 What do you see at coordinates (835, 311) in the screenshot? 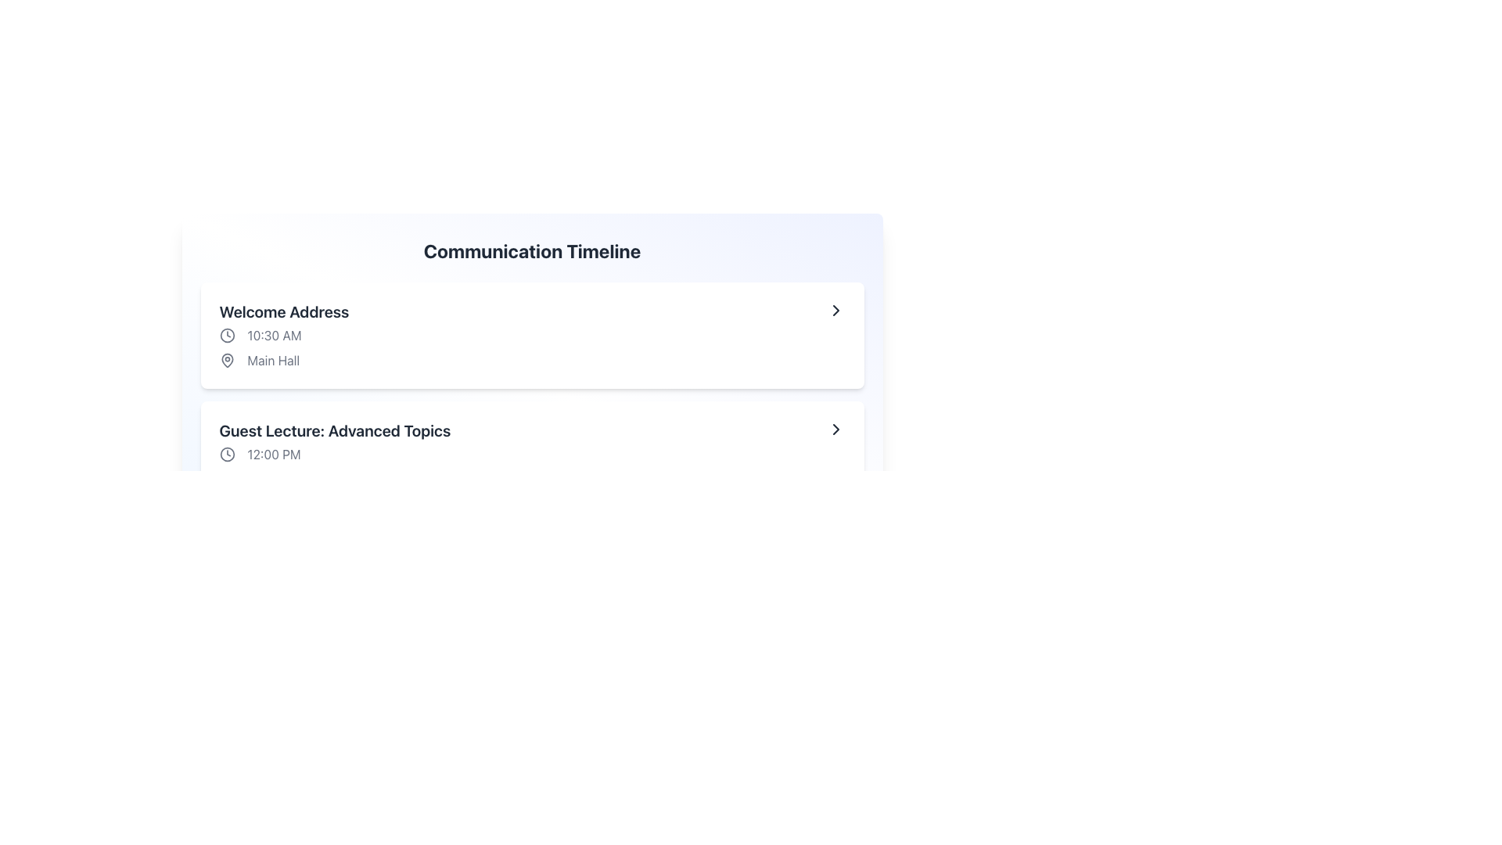
I see `the right-facing chevron arrow icon located at the far right of the first content item in the timeline list, which signifies navigation to additional information or actions` at bounding box center [835, 311].